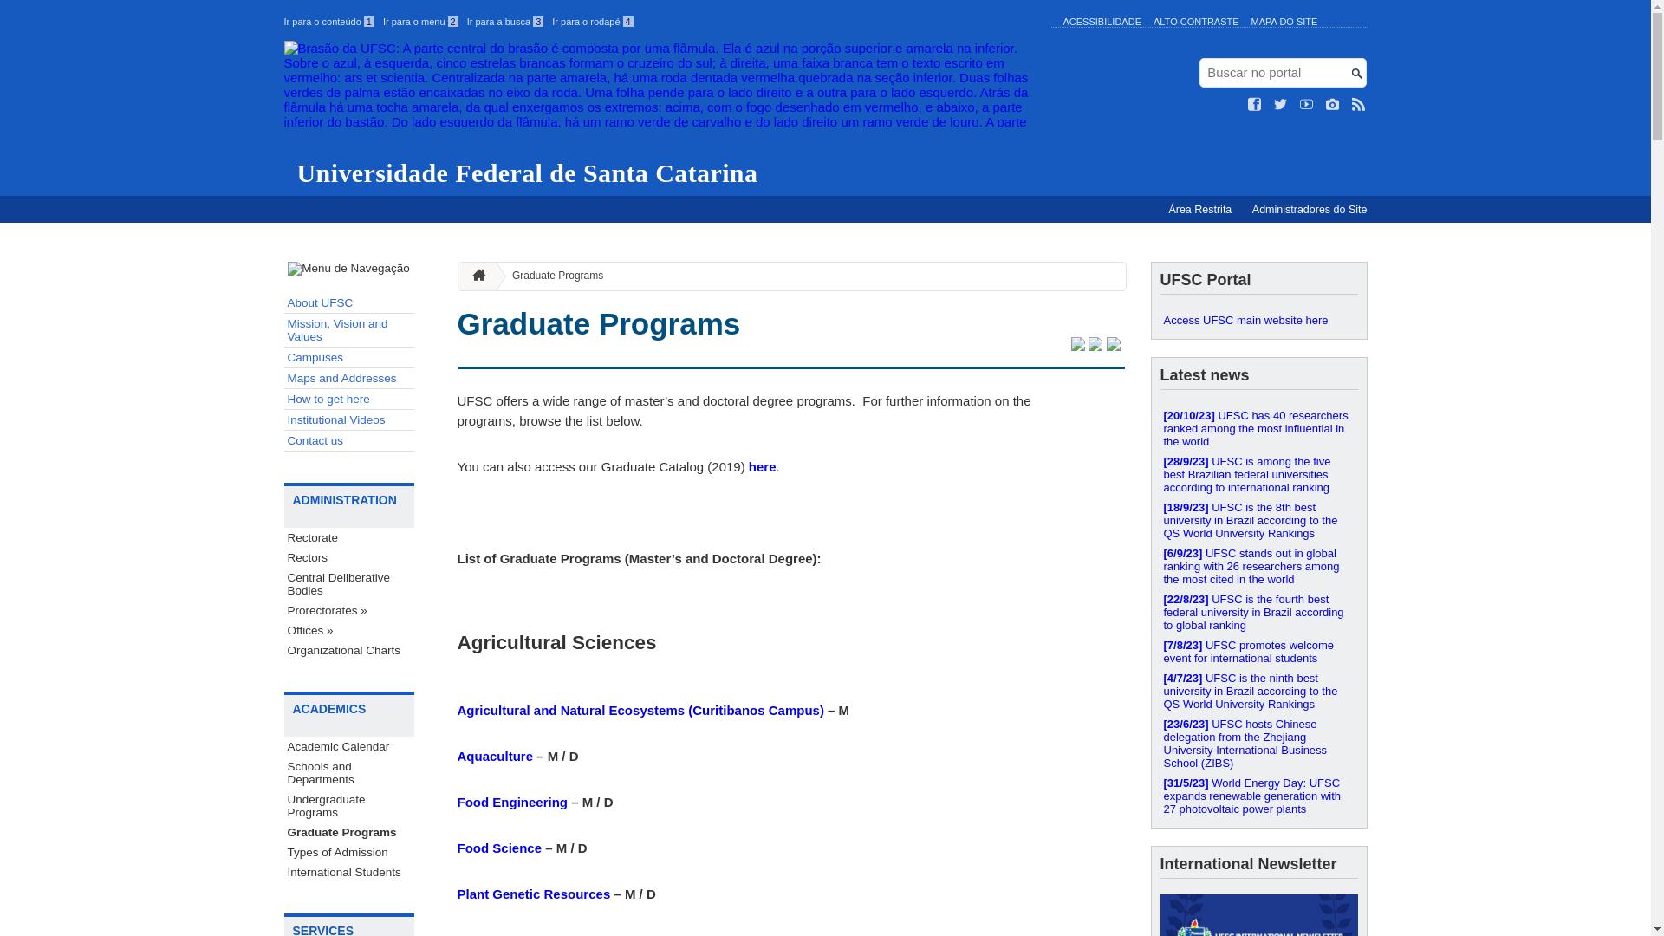  I want to click on 'Rectorate', so click(348, 536).